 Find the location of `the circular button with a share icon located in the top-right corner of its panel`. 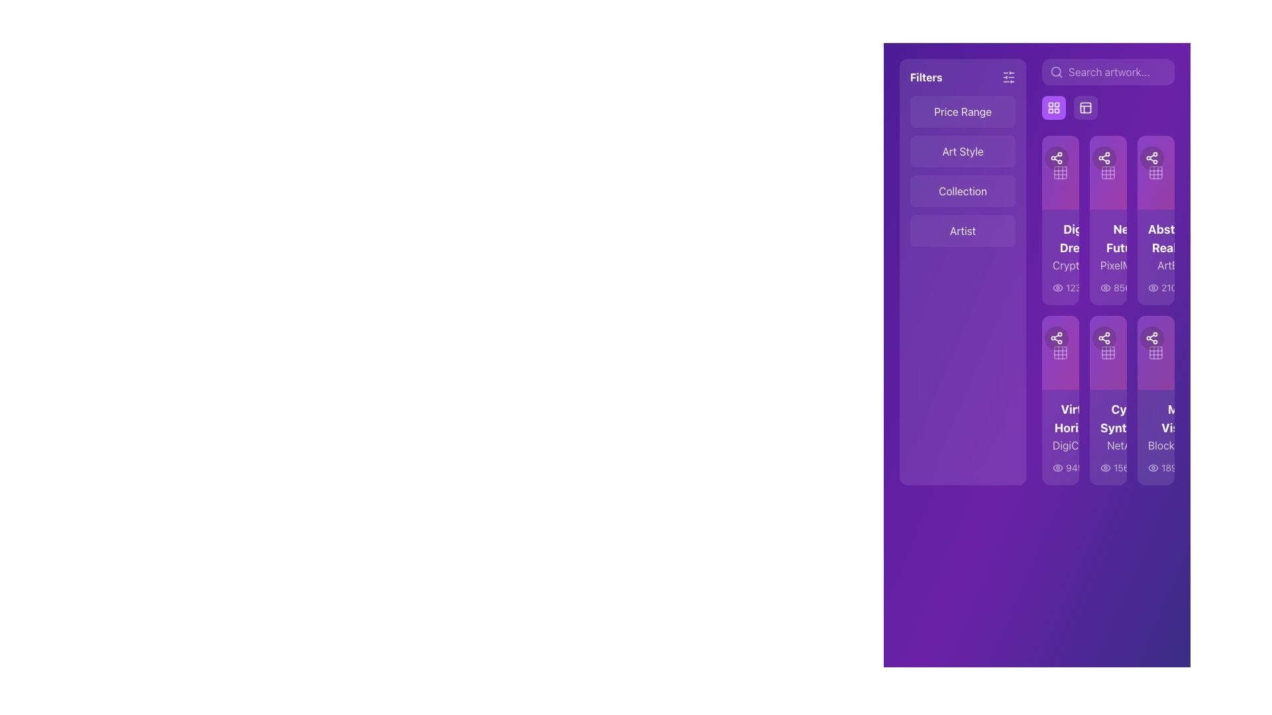

the circular button with a share icon located in the top-right corner of its panel is located at coordinates (1151, 158).